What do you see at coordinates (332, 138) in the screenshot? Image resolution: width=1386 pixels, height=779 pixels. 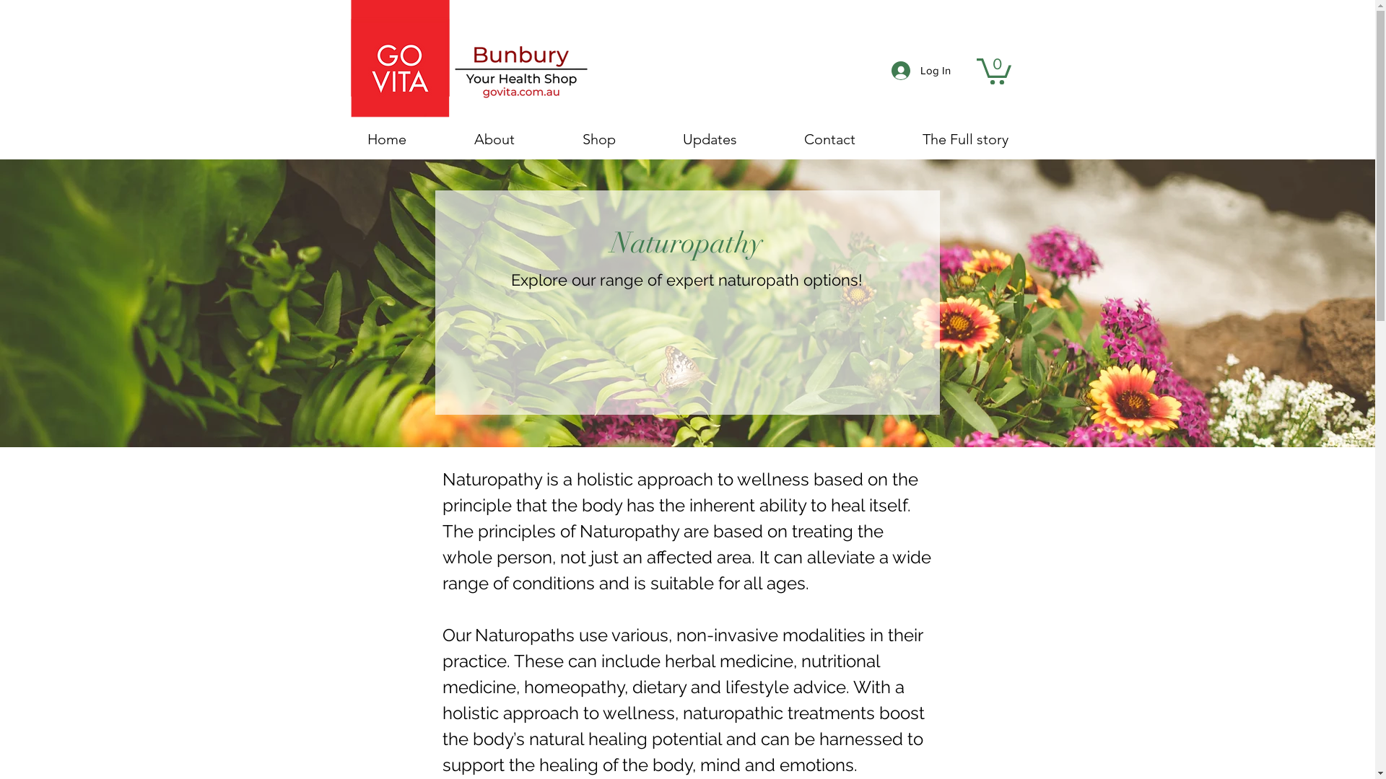 I see `'Home'` at bounding box center [332, 138].